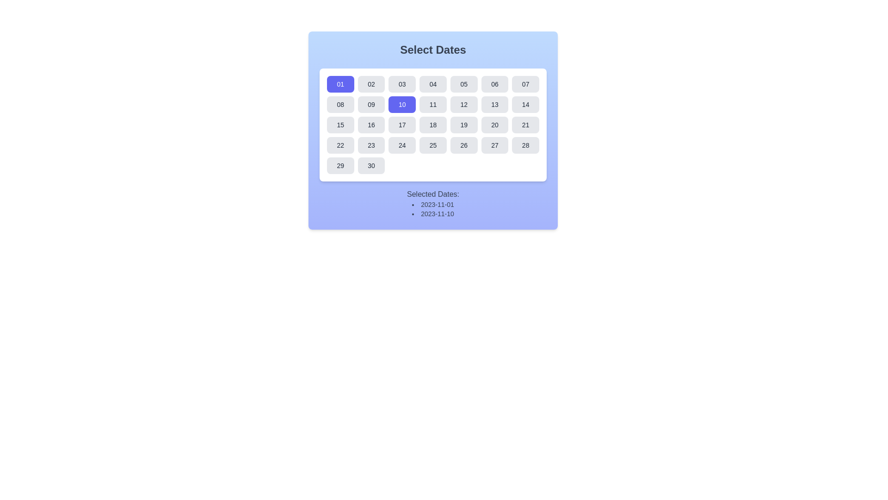 The height and width of the screenshot is (500, 888). Describe the element at coordinates (371, 104) in the screenshot. I see `the rectangular button displaying '09' in dark text` at that location.